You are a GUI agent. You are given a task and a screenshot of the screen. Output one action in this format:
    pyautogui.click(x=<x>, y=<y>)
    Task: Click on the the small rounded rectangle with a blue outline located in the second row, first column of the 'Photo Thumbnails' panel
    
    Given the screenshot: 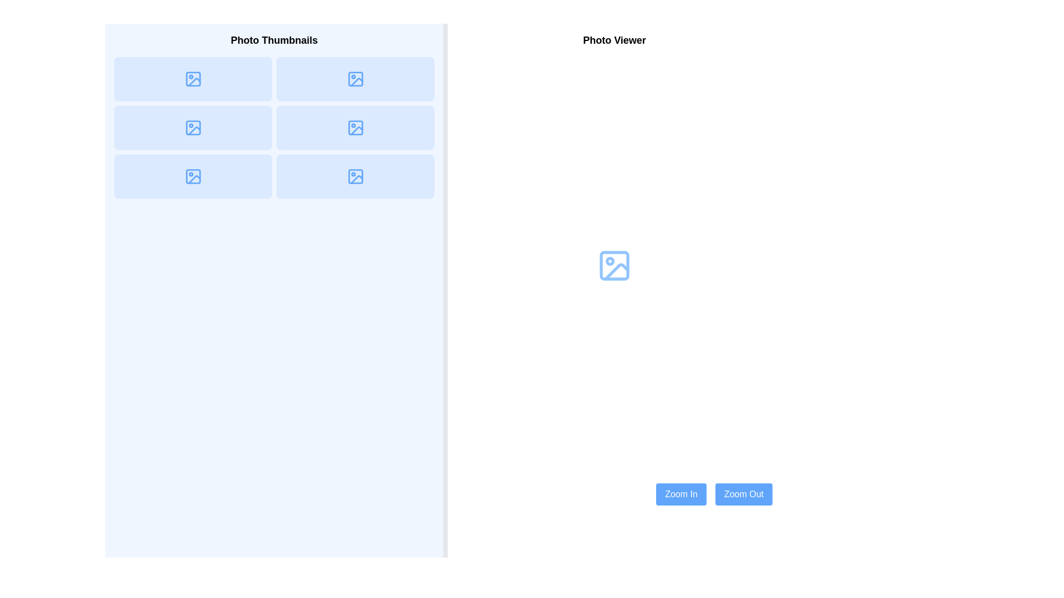 What is the action you would take?
    pyautogui.click(x=193, y=127)
    